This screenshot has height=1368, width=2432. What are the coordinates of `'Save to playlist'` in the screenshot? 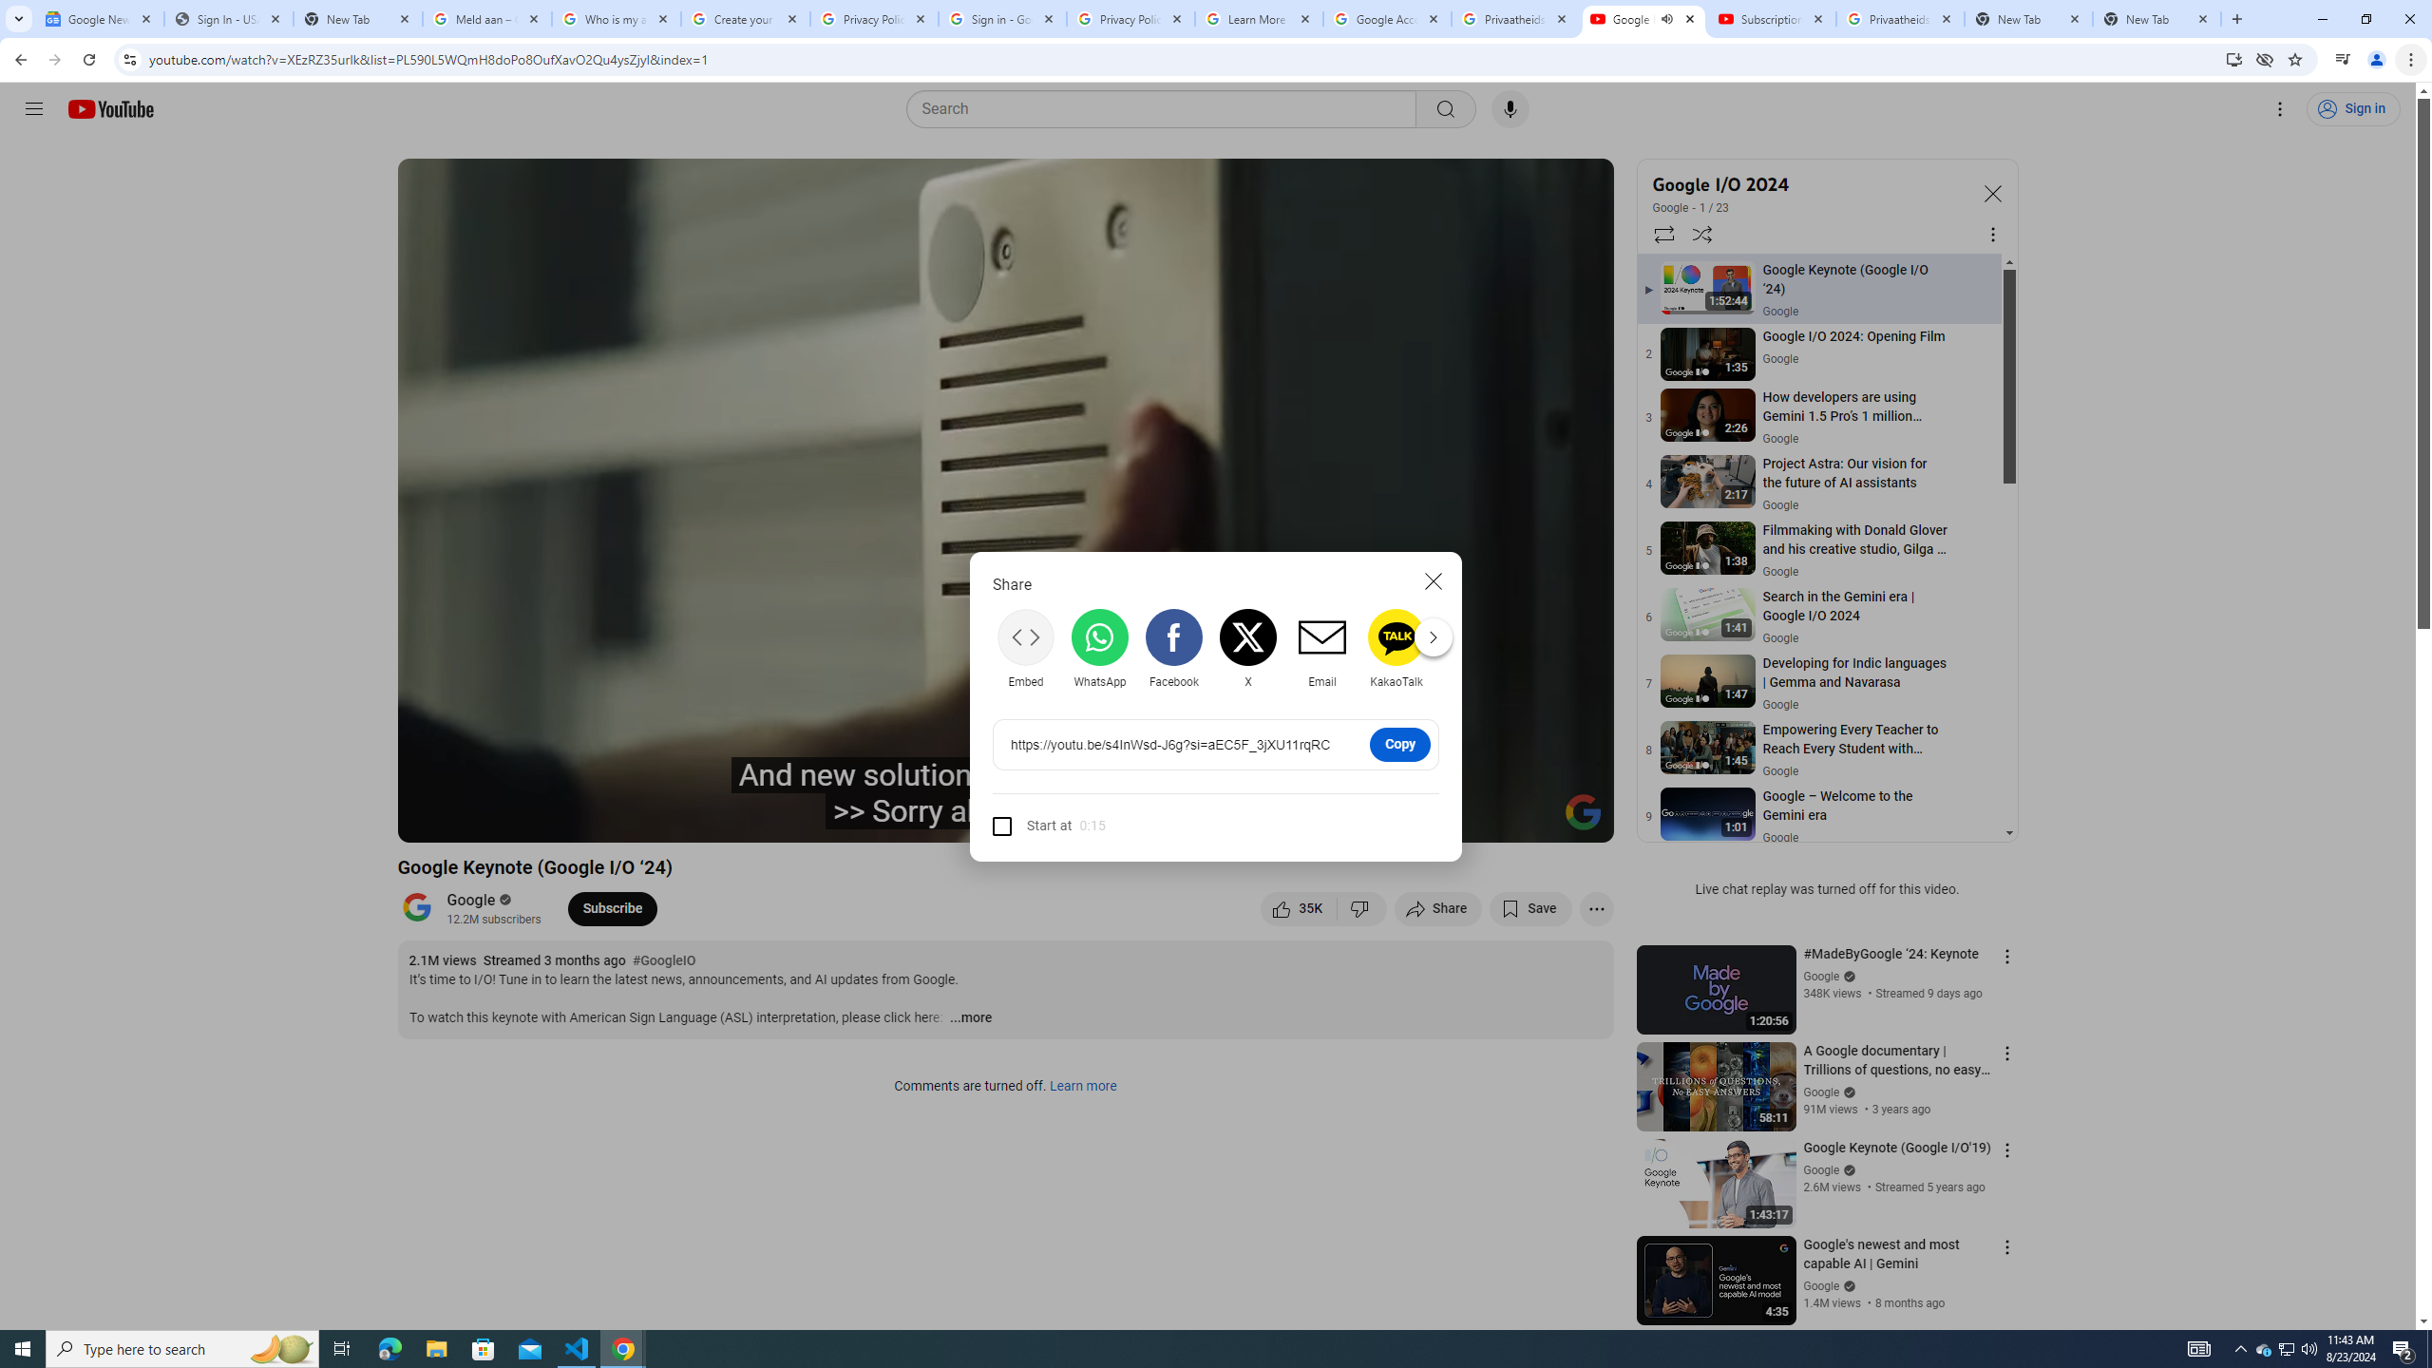 It's located at (1529, 907).